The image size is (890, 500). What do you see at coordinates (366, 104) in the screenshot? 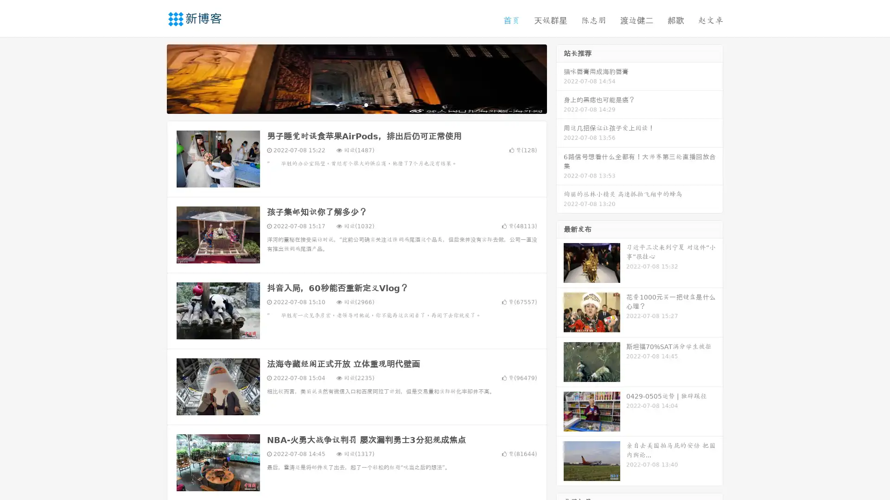
I see `Go to slide 3` at bounding box center [366, 104].